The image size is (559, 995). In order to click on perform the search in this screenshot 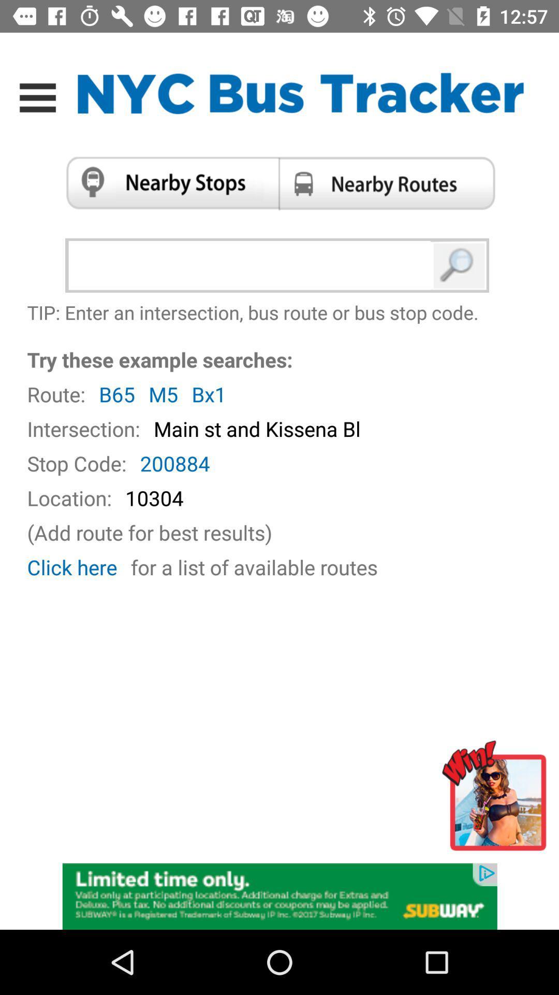, I will do `click(459, 265)`.